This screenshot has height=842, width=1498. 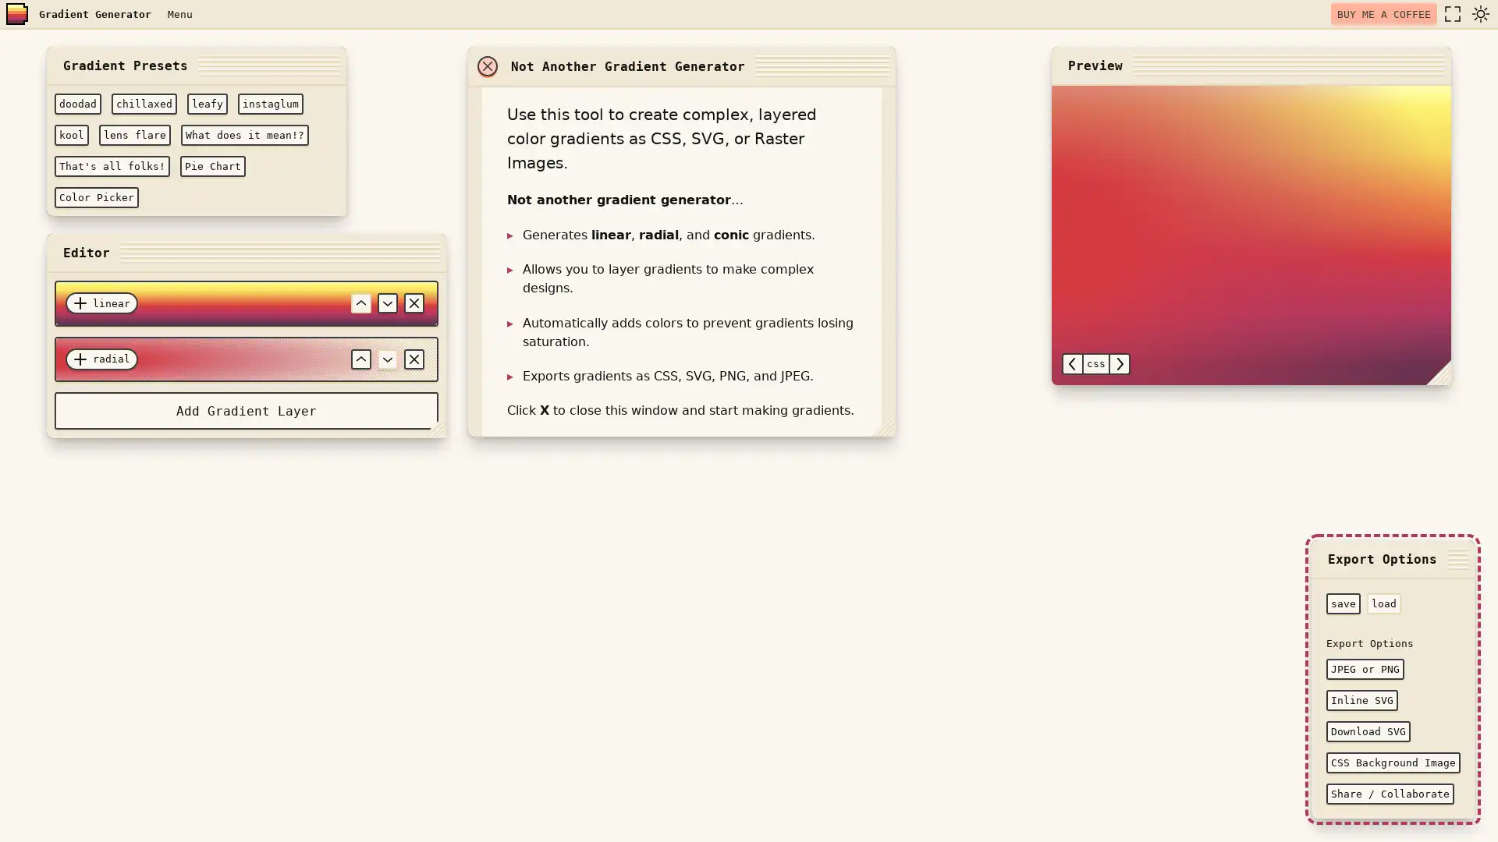 What do you see at coordinates (1366, 731) in the screenshot?
I see `Download SVG` at bounding box center [1366, 731].